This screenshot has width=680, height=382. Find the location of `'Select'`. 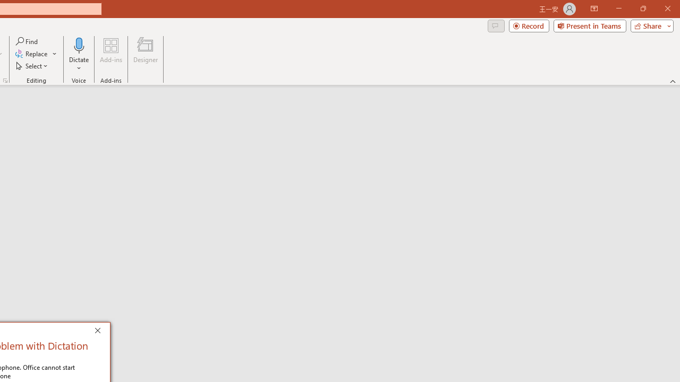

'Select' is located at coordinates (32, 66).